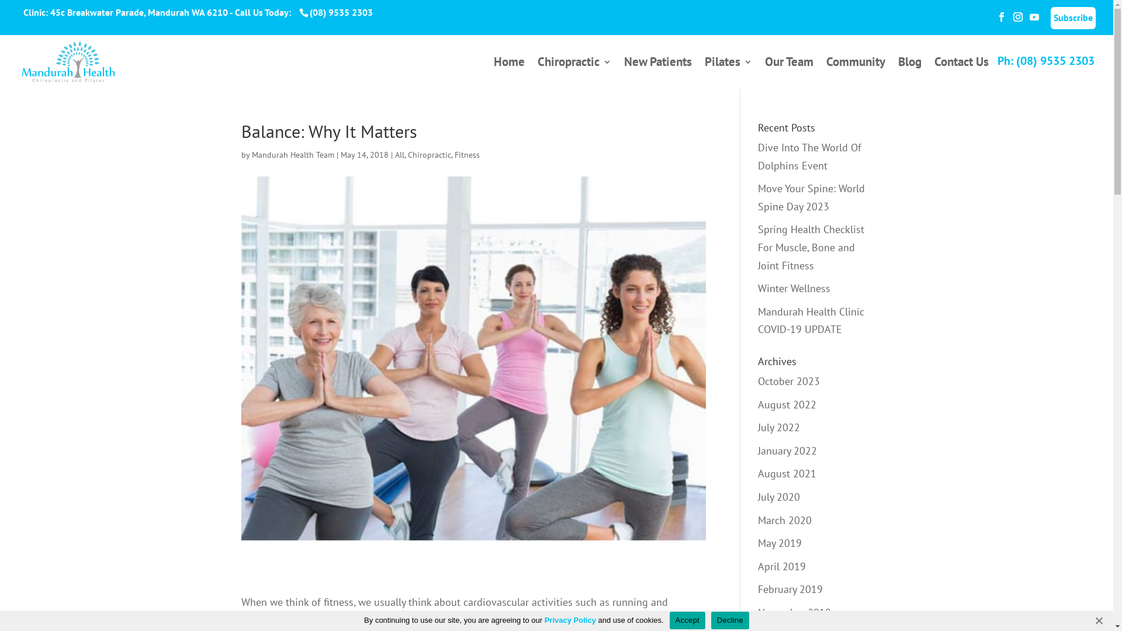 The width and height of the screenshot is (1122, 631). What do you see at coordinates (400, 154) in the screenshot?
I see `'All'` at bounding box center [400, 154].